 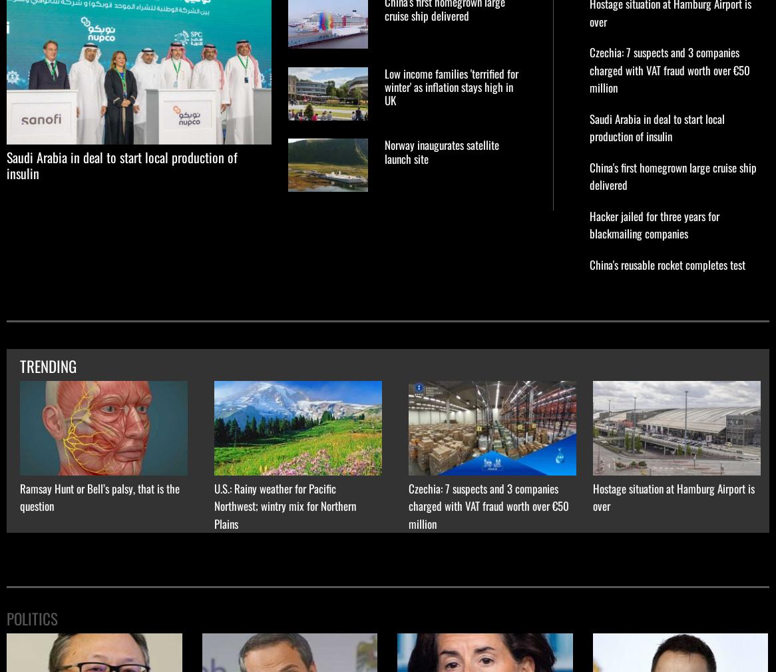 I want to click on 'TRENDING', so click(x=19, y=366).